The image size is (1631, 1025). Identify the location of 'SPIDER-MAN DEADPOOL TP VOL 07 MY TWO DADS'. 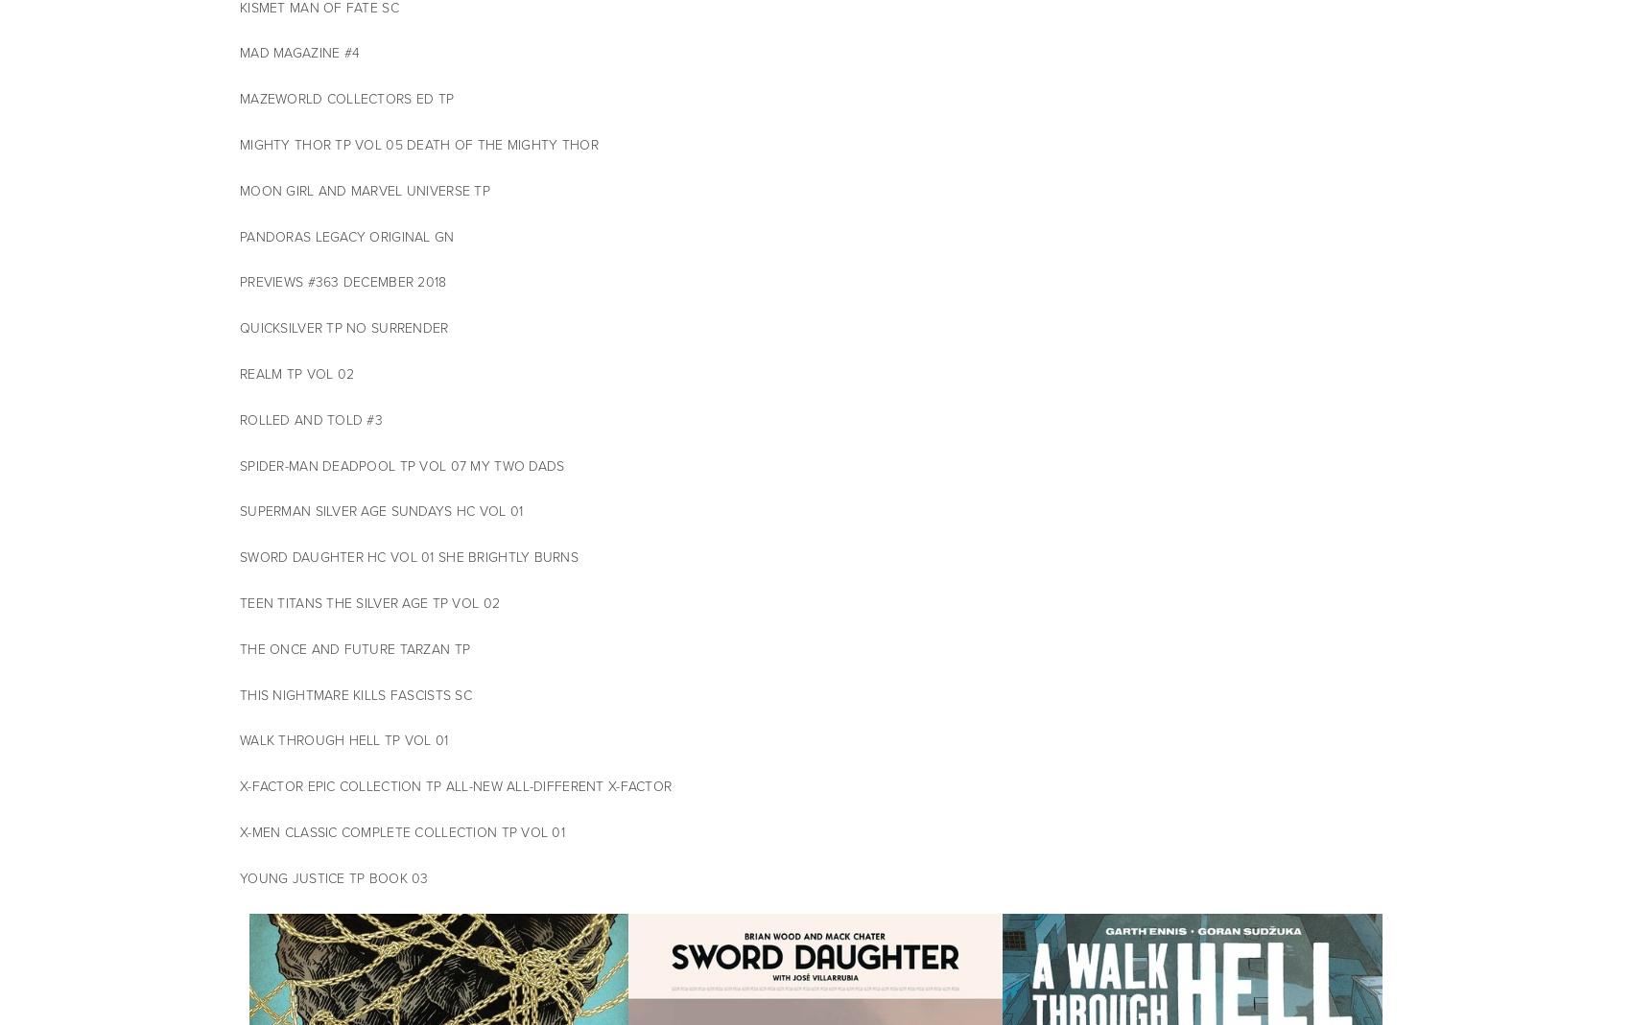
(401, 464).